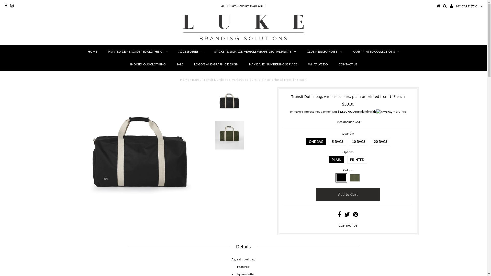 This screenshot has height=276, width=491. Describe the element at coordinates (348, 51) in the screenshot. I see `'OUR PRINTED COLLECTIONS'` at that location.